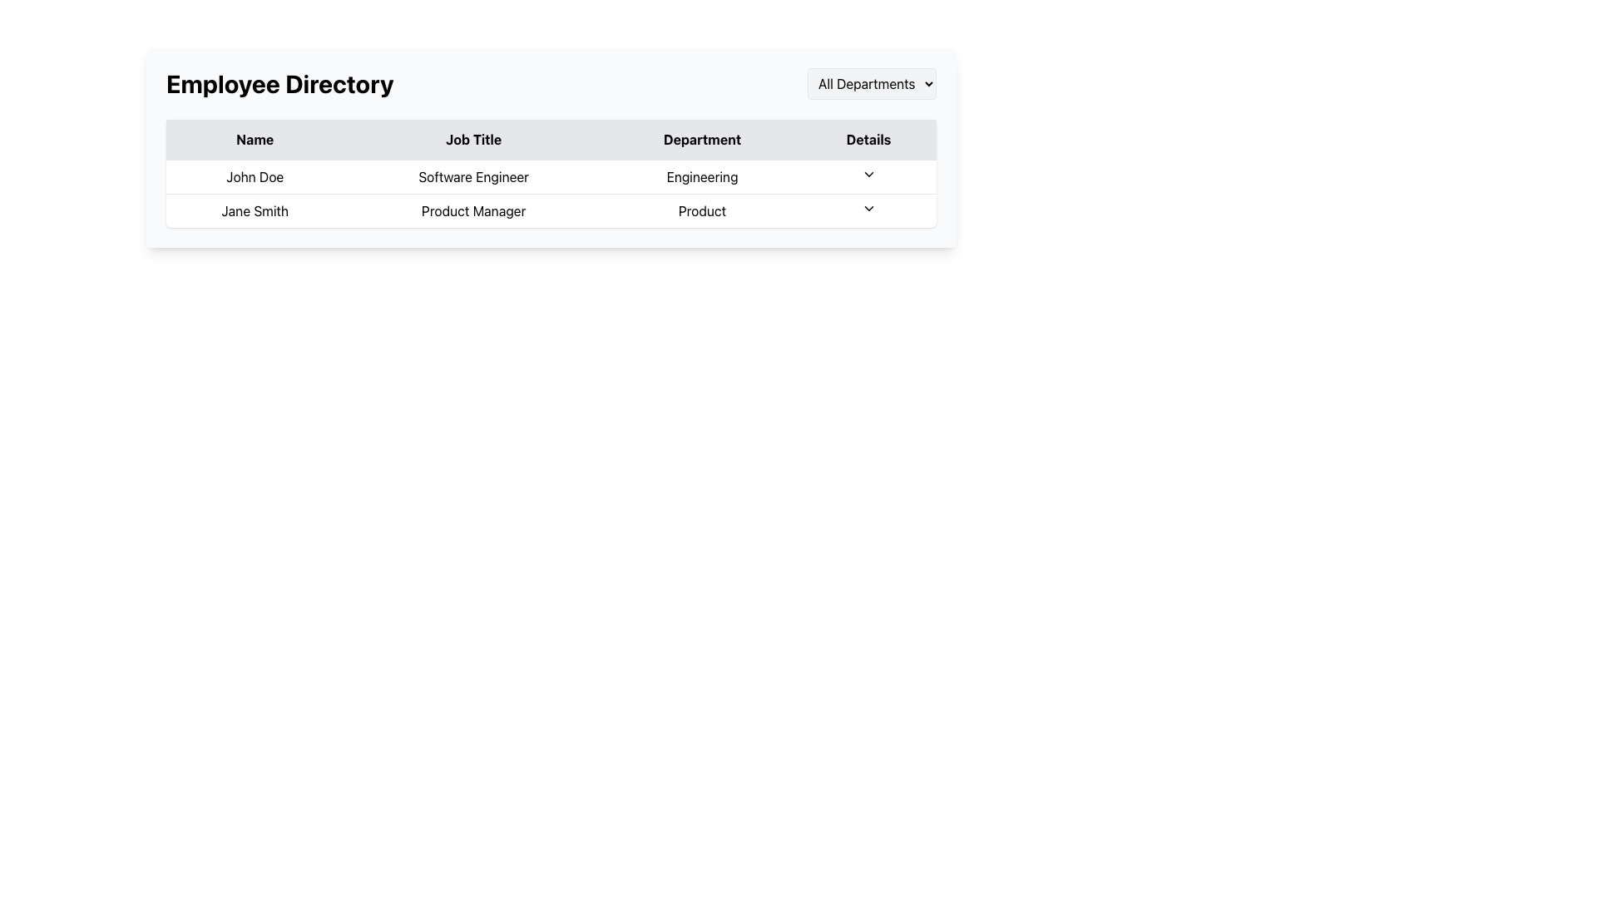 The width and height of the screenshot is (1597, 898). What do you see at coordinates (868, 207) in the screenshot?
I see `the Dropdown toggle icon in the 'Details' column of the second row for 'Jane Smith' in the 'Employee Directory' table` at bounding box center [868, 207].